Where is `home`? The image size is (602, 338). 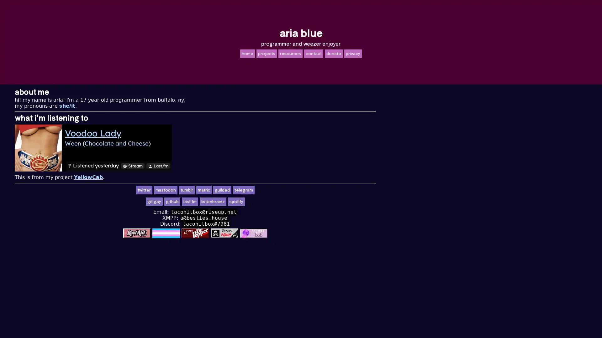
home is located at coordinates (247, 53).